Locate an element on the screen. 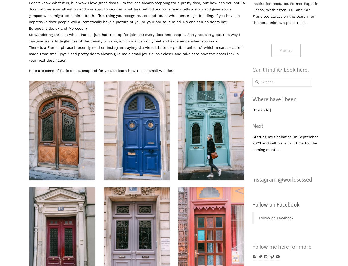  'Here are some of Paris doors, snapped for you, to learn how to see small wonders.' is located at coordinates (102, 70).